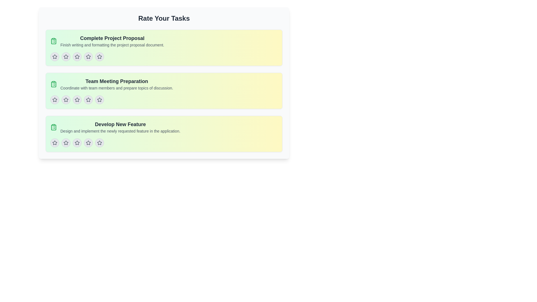  What do you see at coordinates (88, 100) in the screenshot?
I see `the third star icon in the rating system under the 'Team Meeting Preparation' task` at bounding box center [88, 100].